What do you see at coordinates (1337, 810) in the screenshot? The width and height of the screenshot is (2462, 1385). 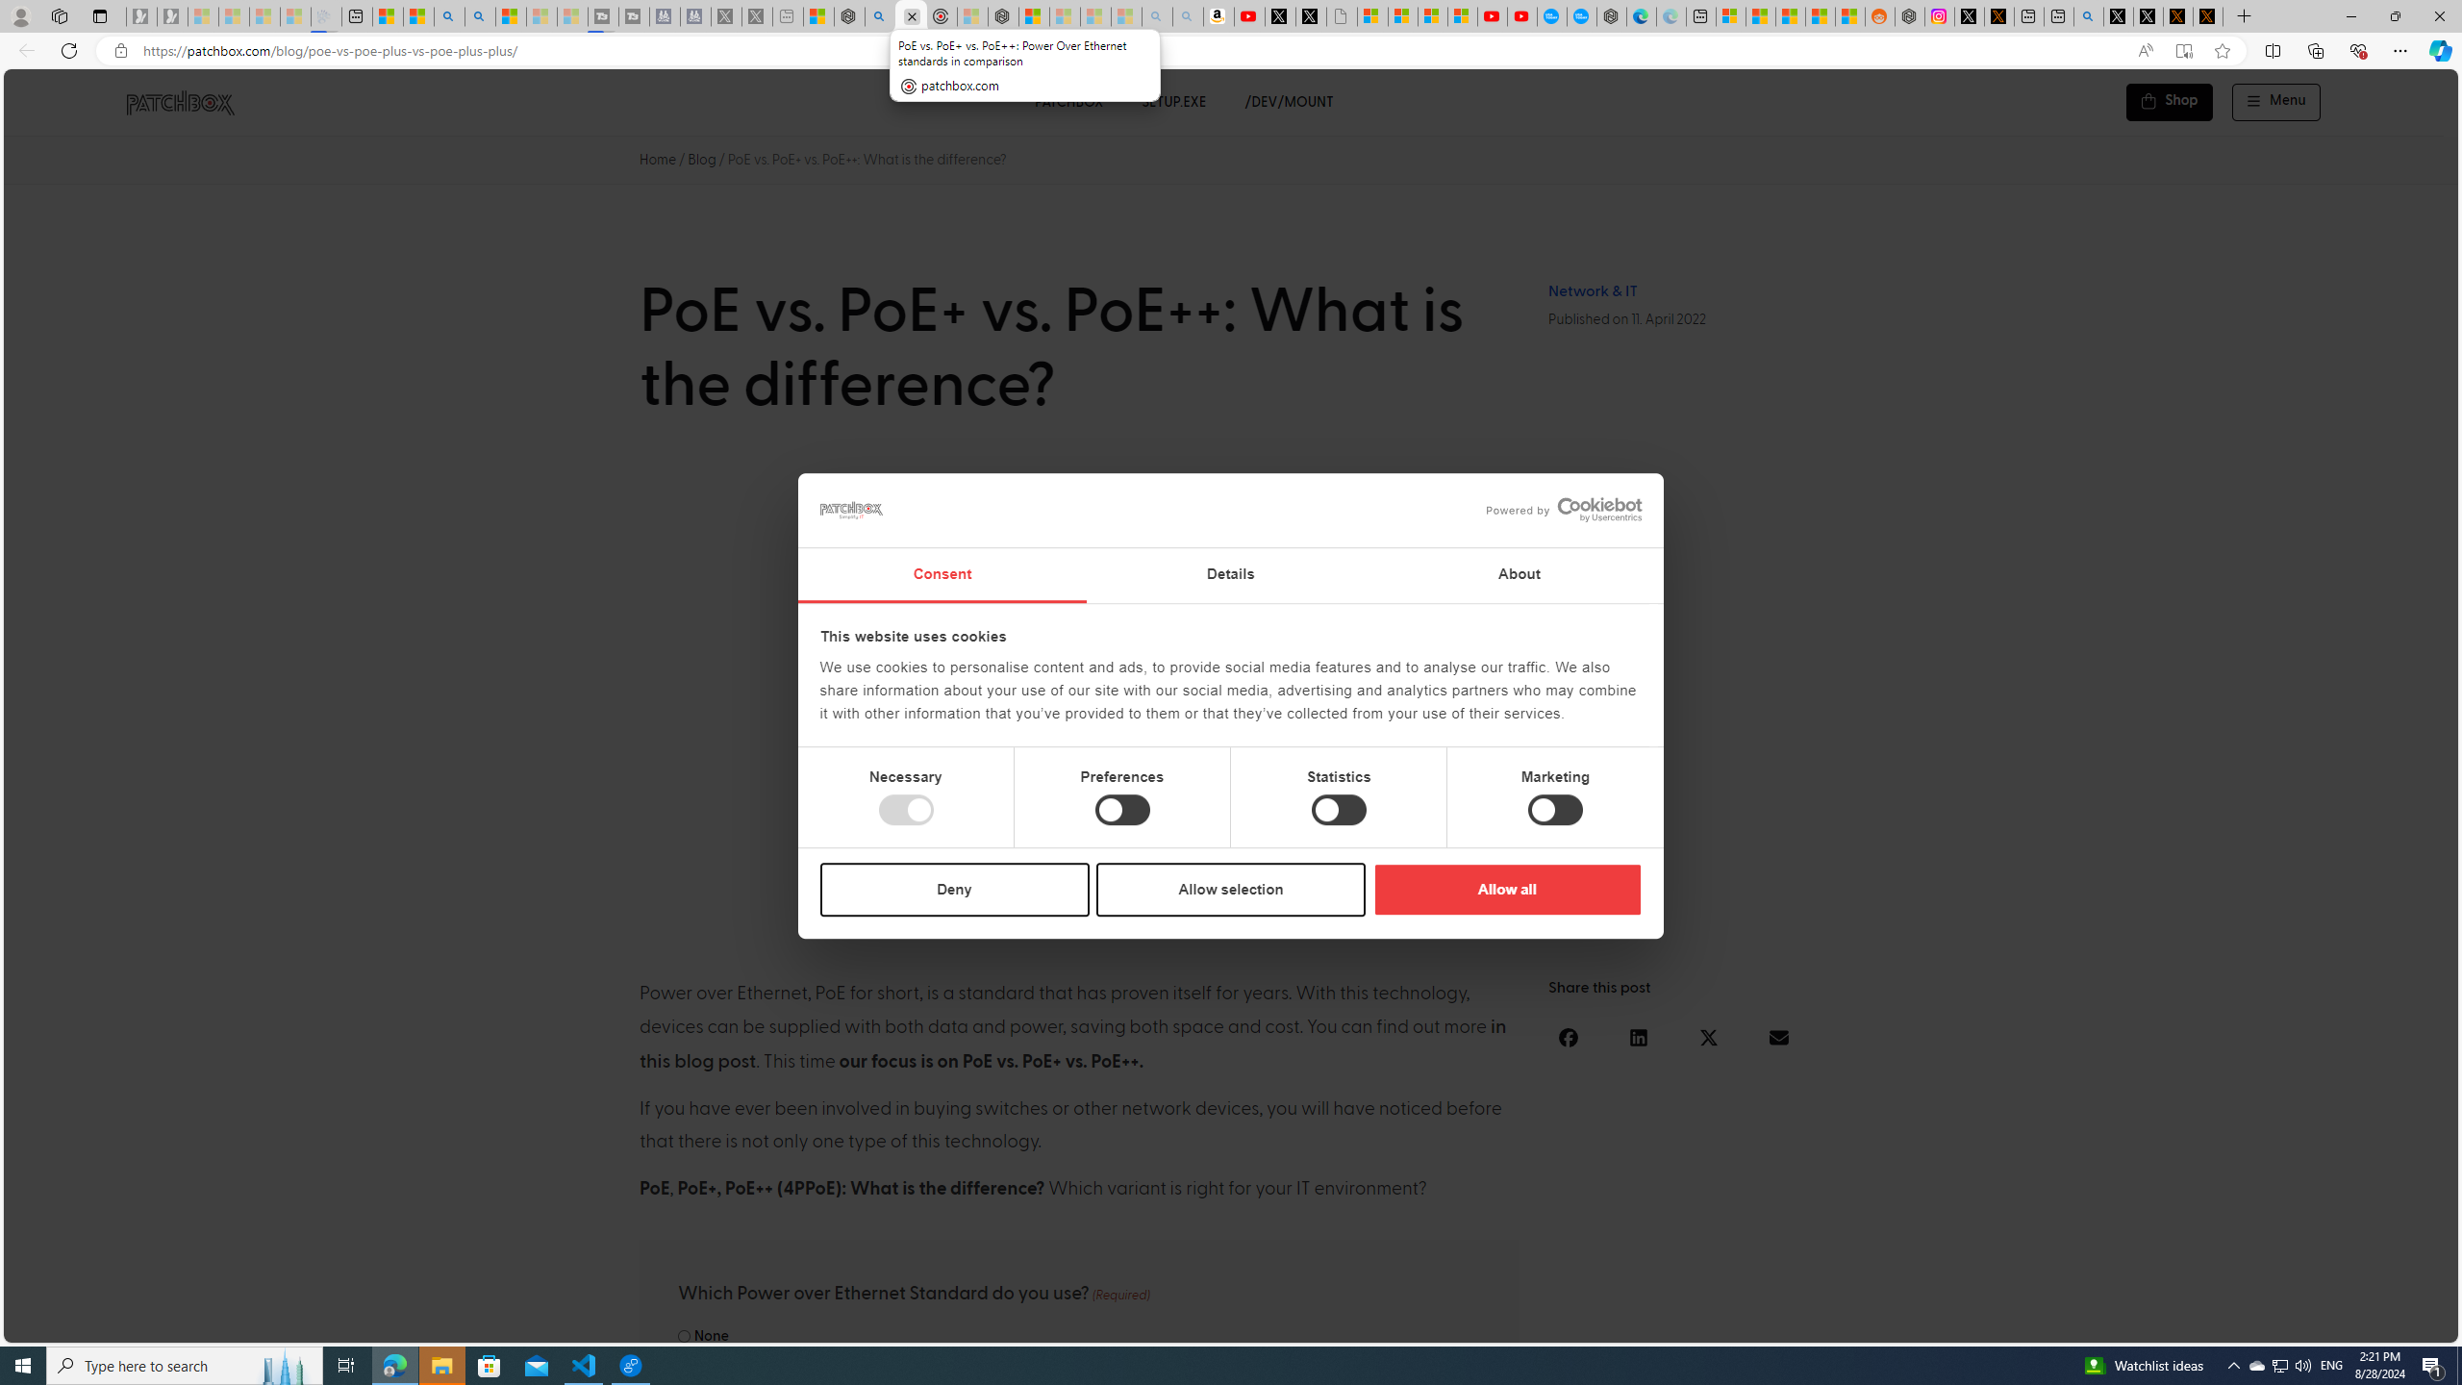 I see `'Statistics'` at bounding box center [1337, 810].